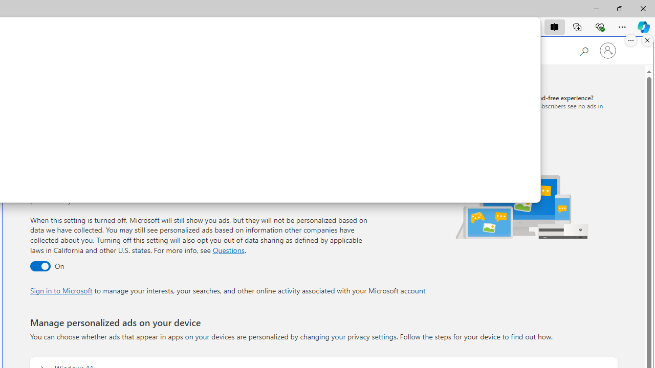  Describe the element at coordinates (630, 40) in the screenshot. I see `'More options.'` at that location.